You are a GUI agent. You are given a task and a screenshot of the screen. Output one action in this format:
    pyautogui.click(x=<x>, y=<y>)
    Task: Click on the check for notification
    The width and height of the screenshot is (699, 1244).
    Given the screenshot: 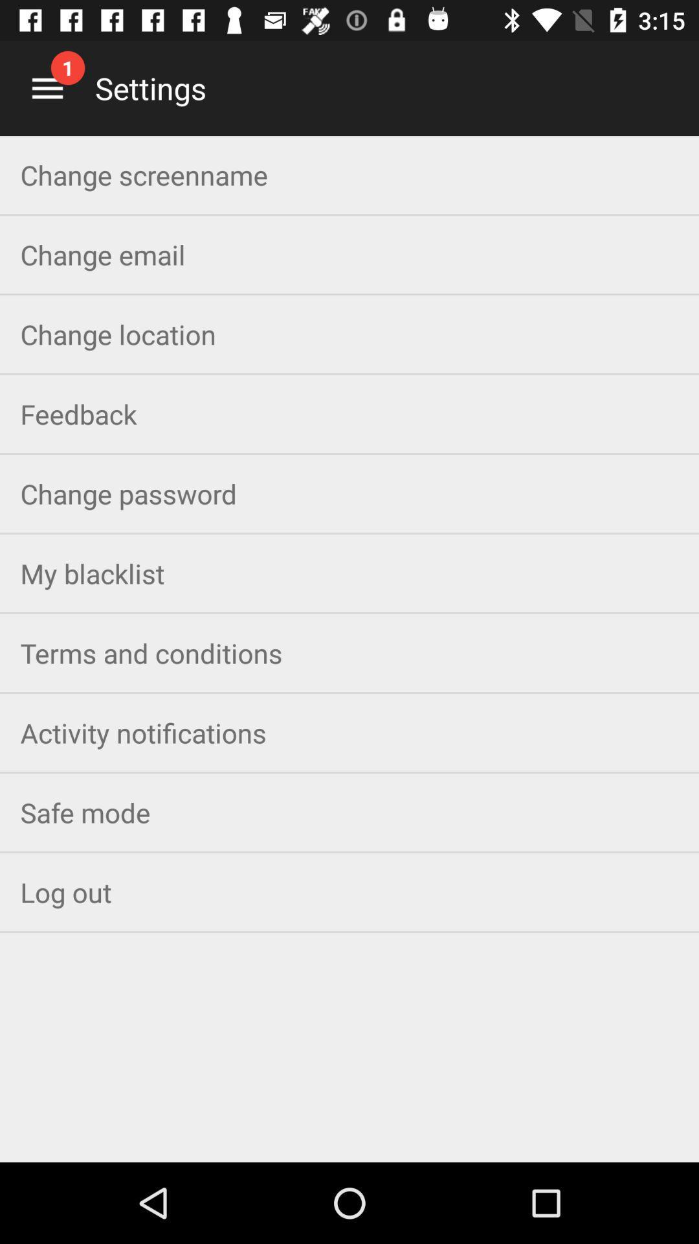 What is the action you would take?
    pyautogui.click(x=47, y=87)
    